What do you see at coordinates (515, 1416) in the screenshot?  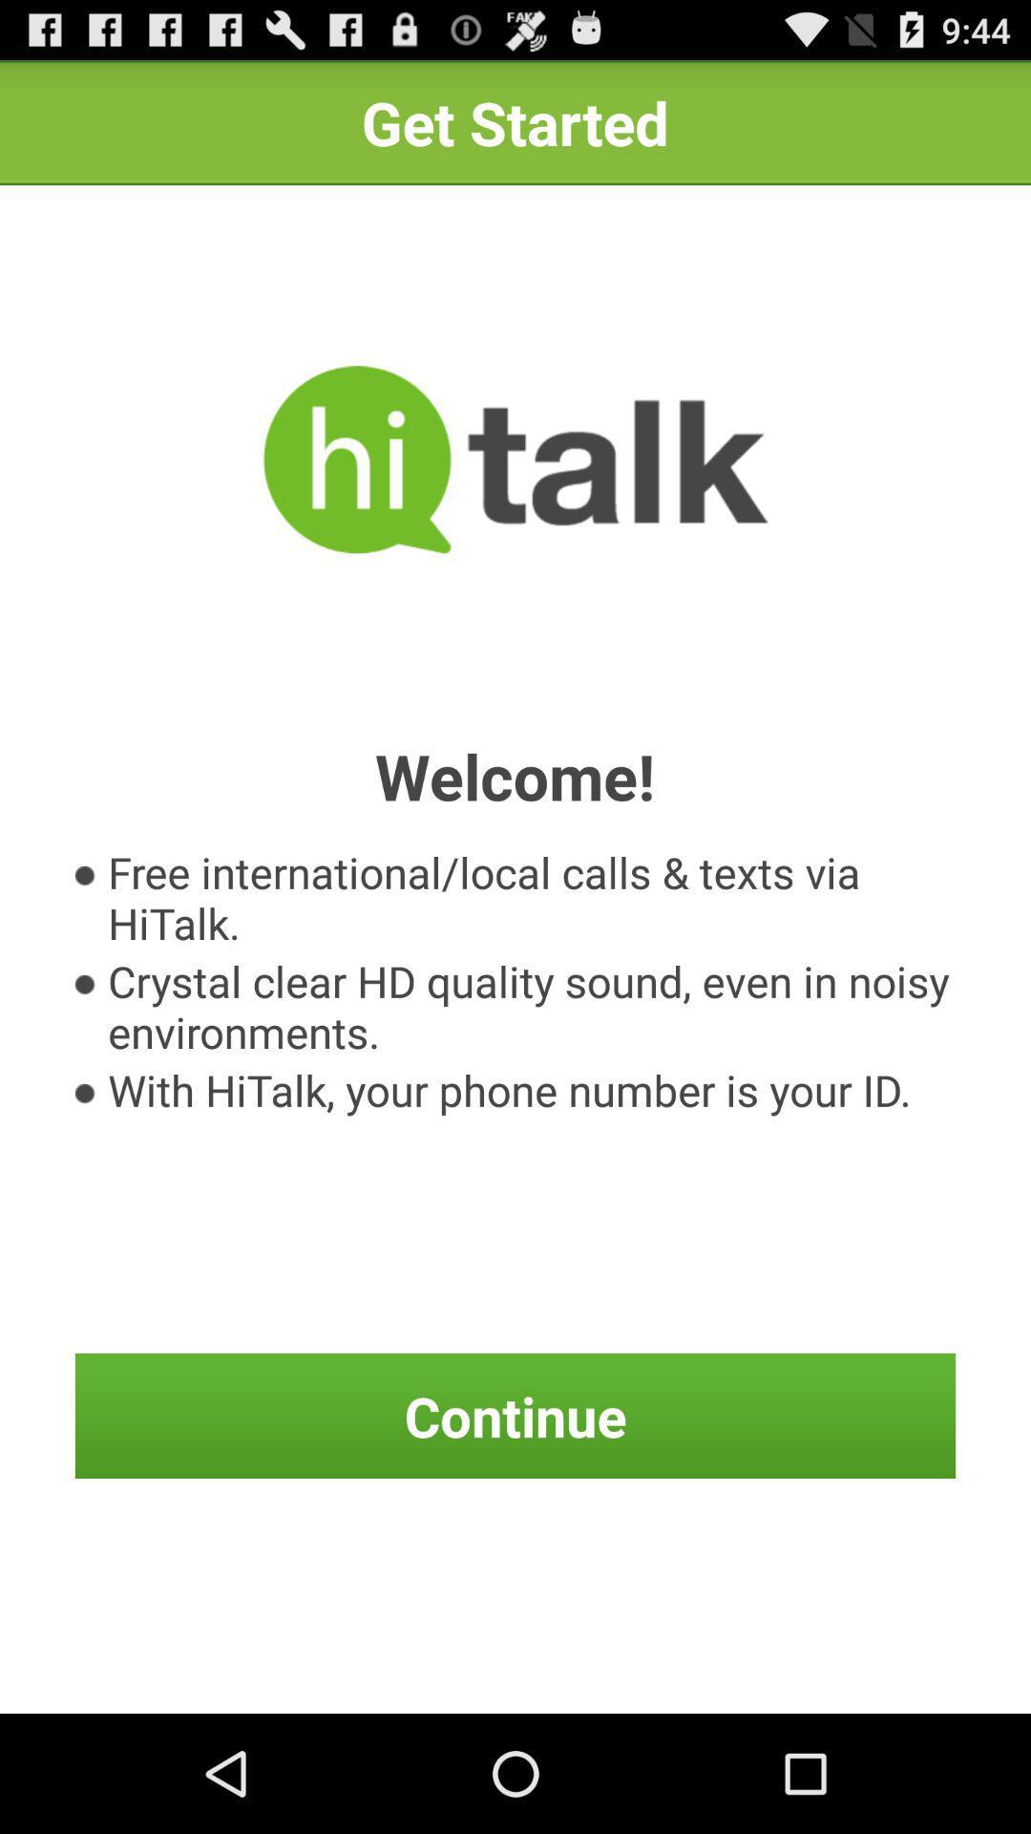 I see `icon below the with hitalk your app` at bounding box center [515, 1416].